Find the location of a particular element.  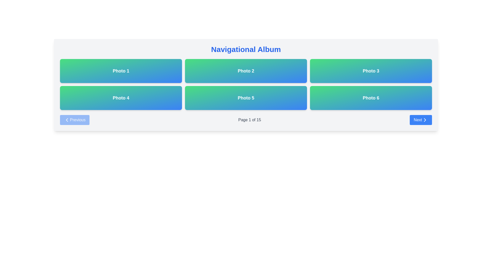

the 'Photo 2' static informational card located in the top row of the grid layout, specifically the second card from the left, for potential interaction is located at coordinates (246, 71).